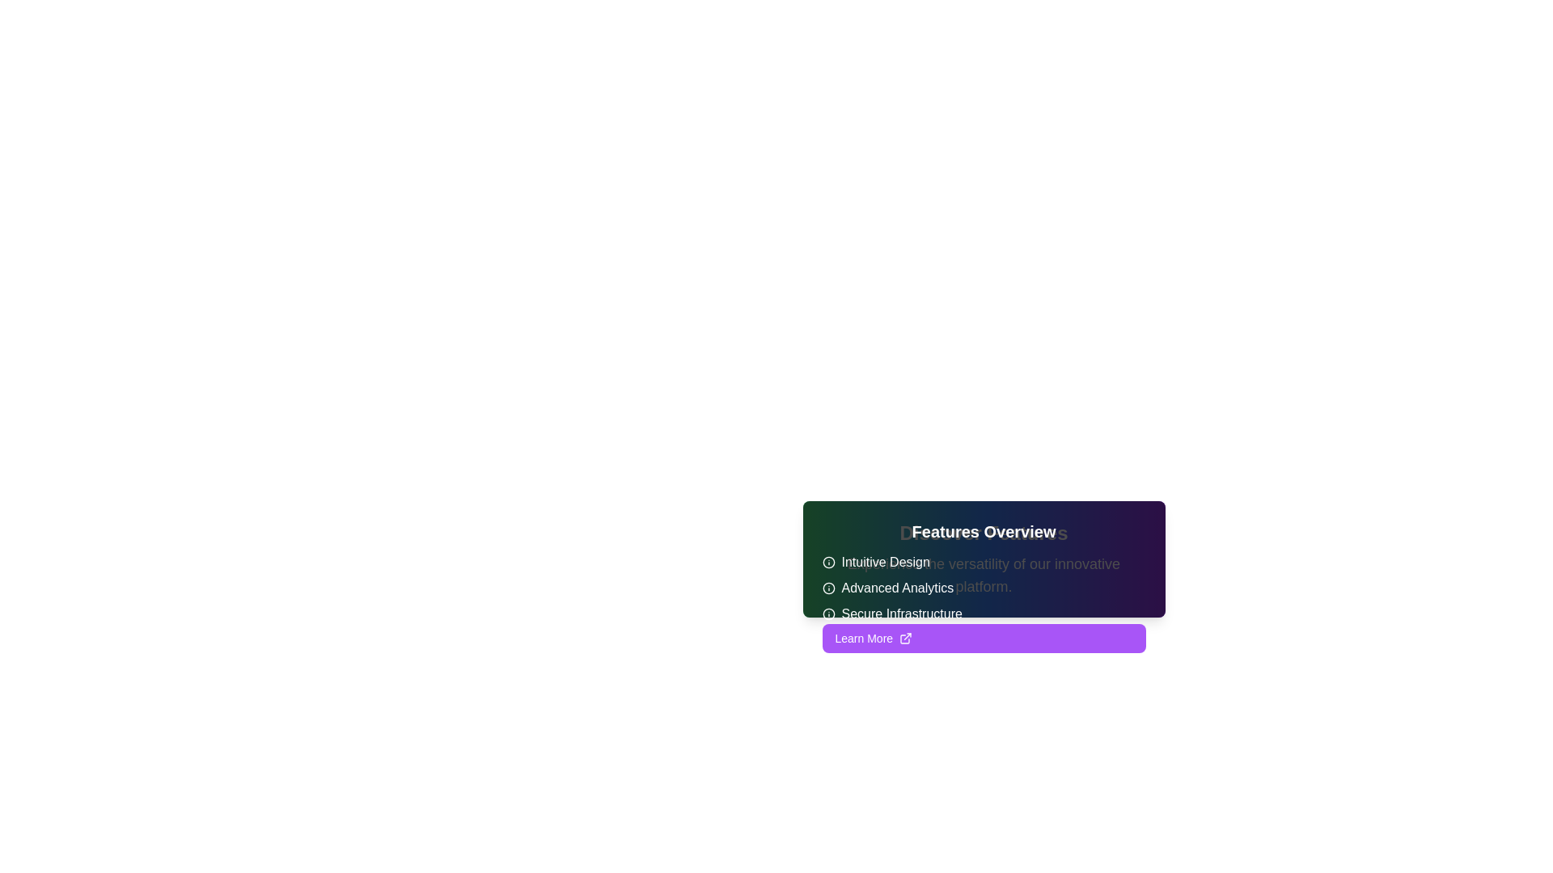 The image size is (1553, 873). I want to click on the circular SVG icon representing a feature in the overview section, located to the left of the 'Advanced Analytics' list item, positioned between 'Intuitive Design' and 'Secure Infrastructure', so click(828, 588).